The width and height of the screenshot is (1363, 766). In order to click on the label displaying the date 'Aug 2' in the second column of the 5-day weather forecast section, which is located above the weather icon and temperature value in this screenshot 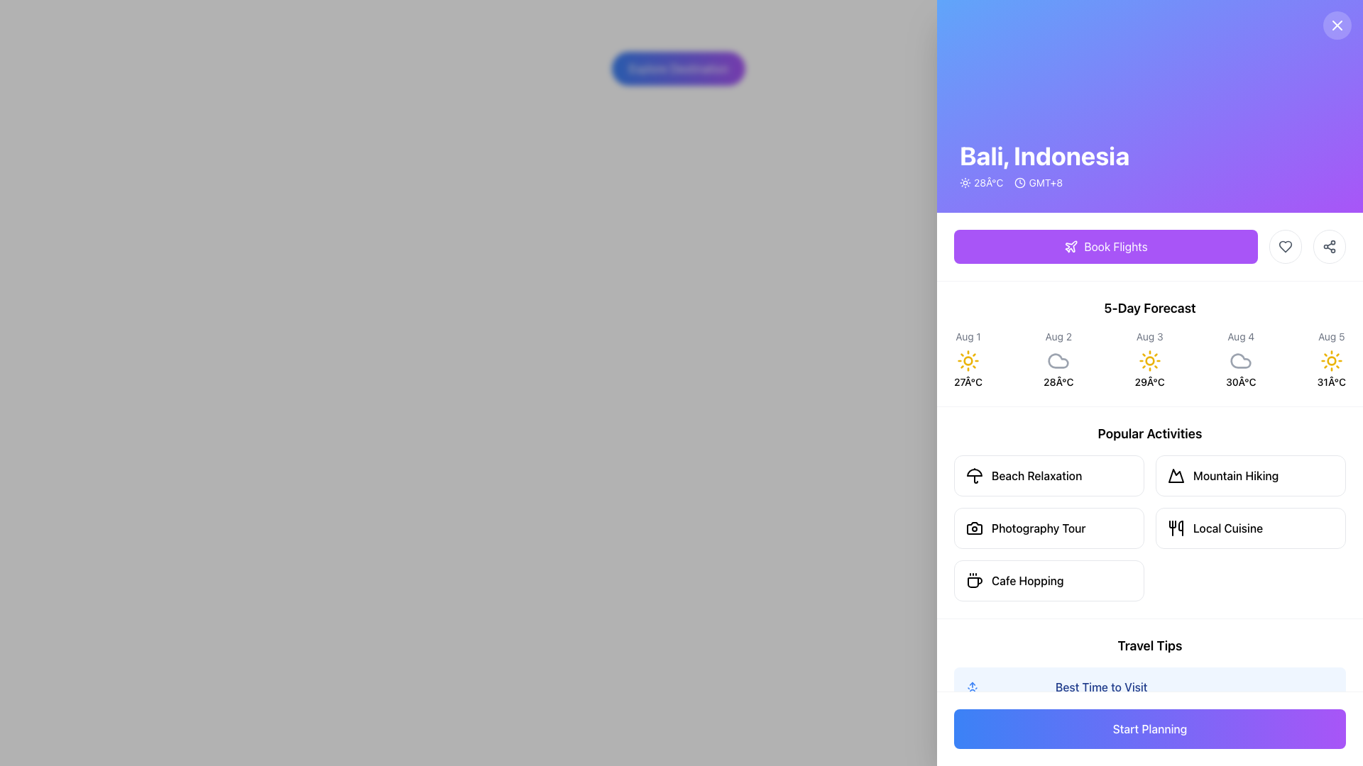, I will do `click(1058, 336)`.